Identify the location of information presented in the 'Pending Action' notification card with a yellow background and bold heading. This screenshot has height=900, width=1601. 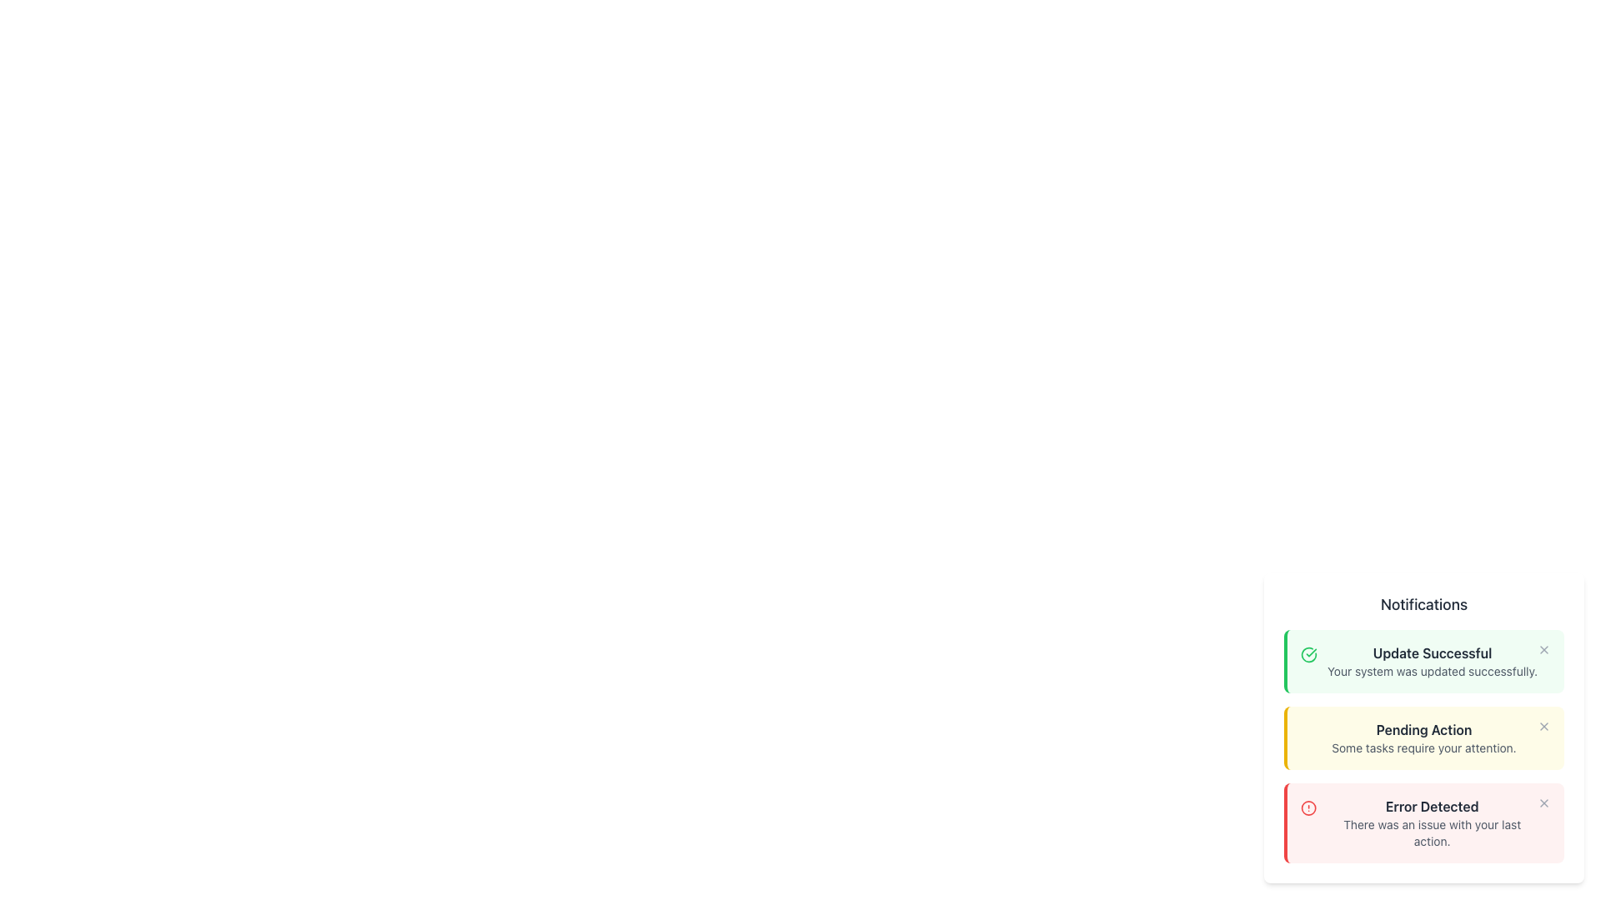
(1423, 745).